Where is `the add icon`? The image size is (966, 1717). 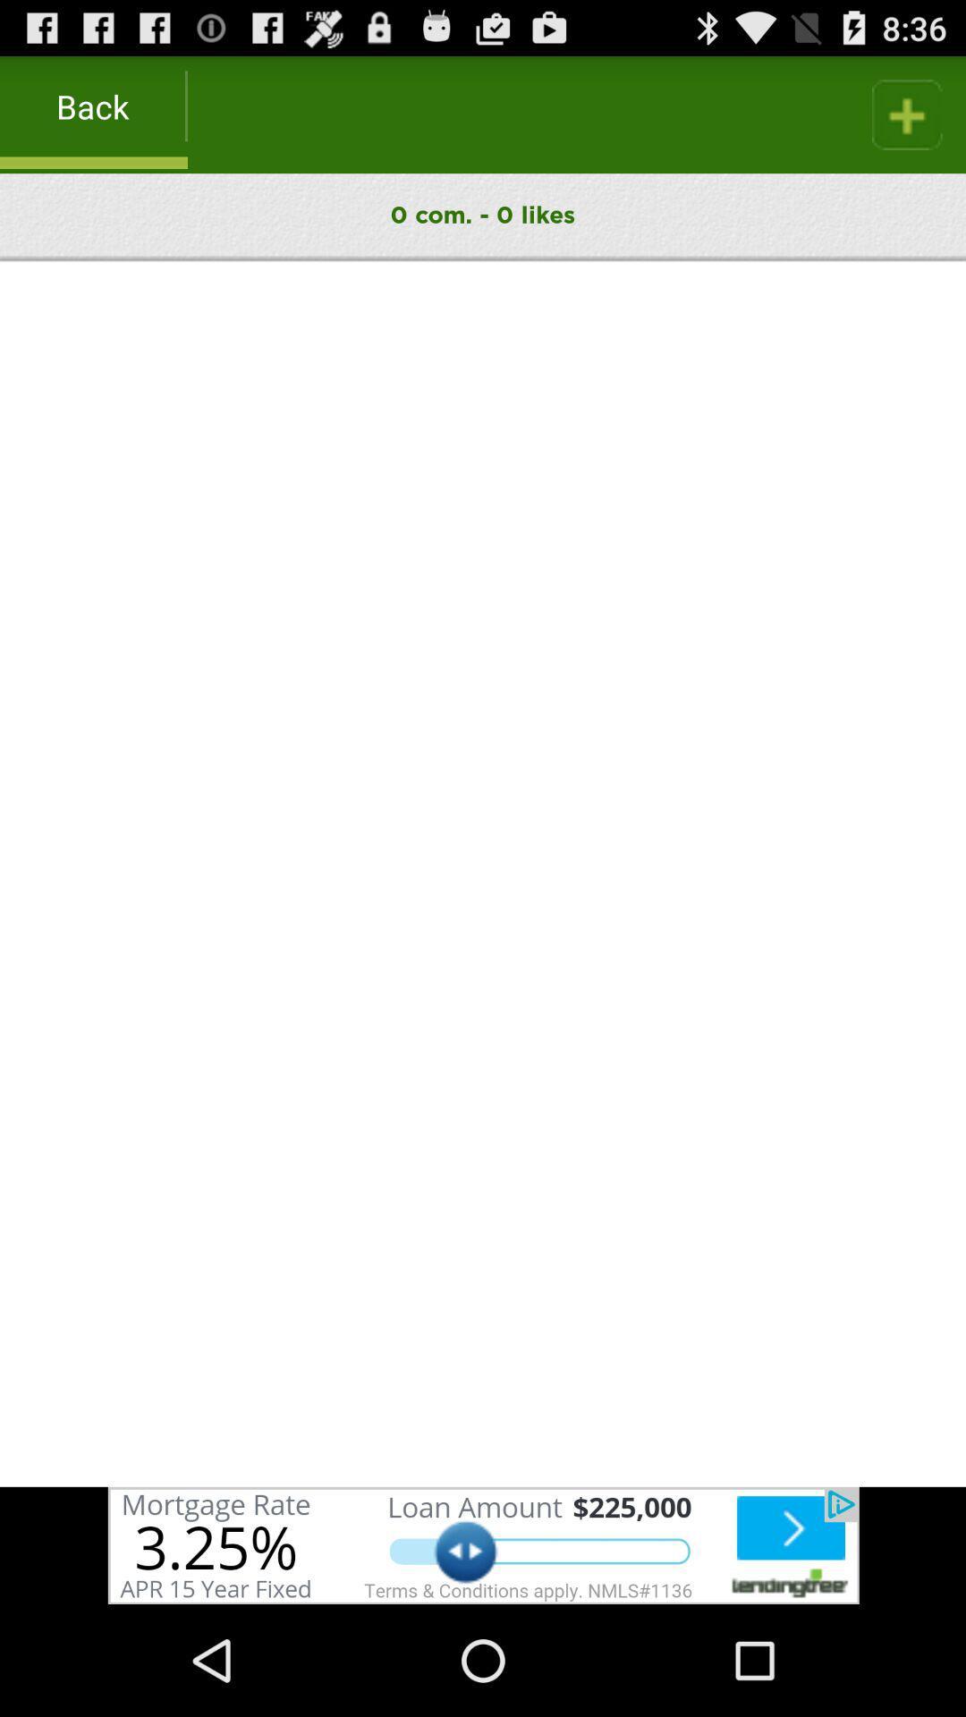
the add icon is located at coordinates (907, 122).